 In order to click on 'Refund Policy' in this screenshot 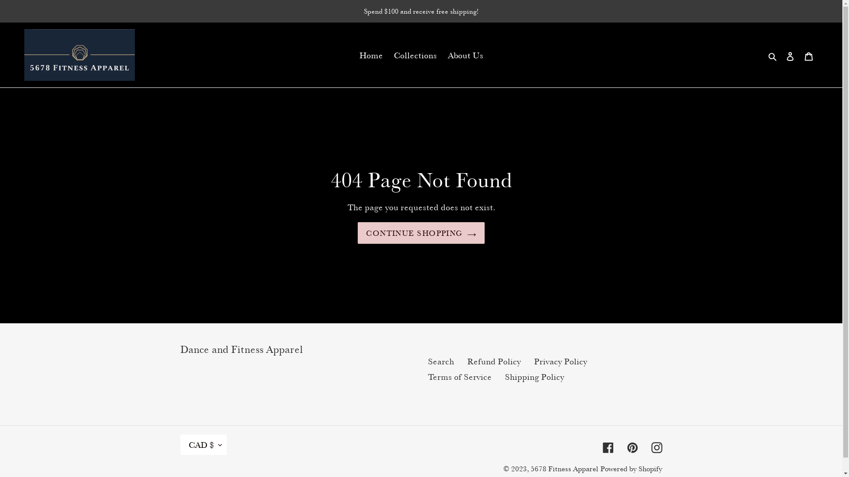, I will do `click(493, 361)`.